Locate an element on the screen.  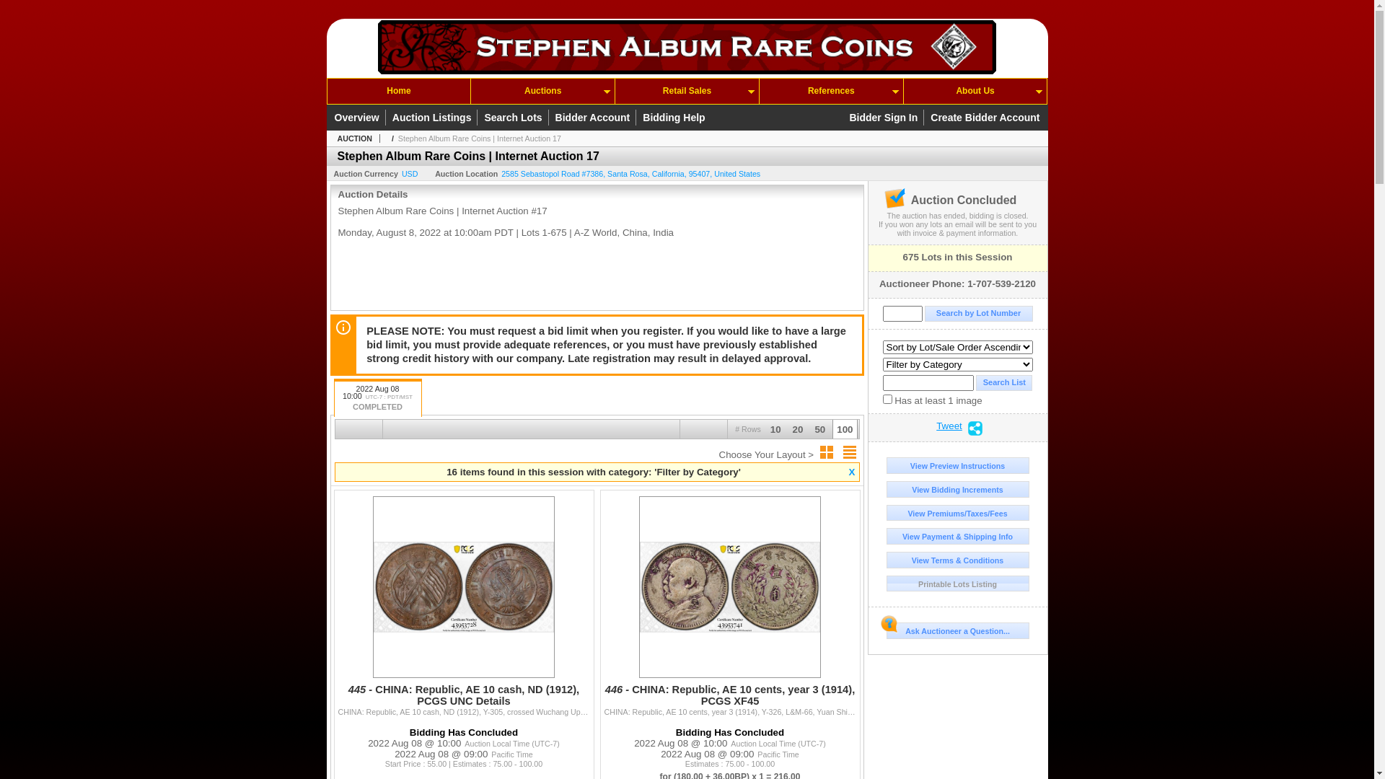
'View Preview Instructions' is located at coordinates (885, 465).